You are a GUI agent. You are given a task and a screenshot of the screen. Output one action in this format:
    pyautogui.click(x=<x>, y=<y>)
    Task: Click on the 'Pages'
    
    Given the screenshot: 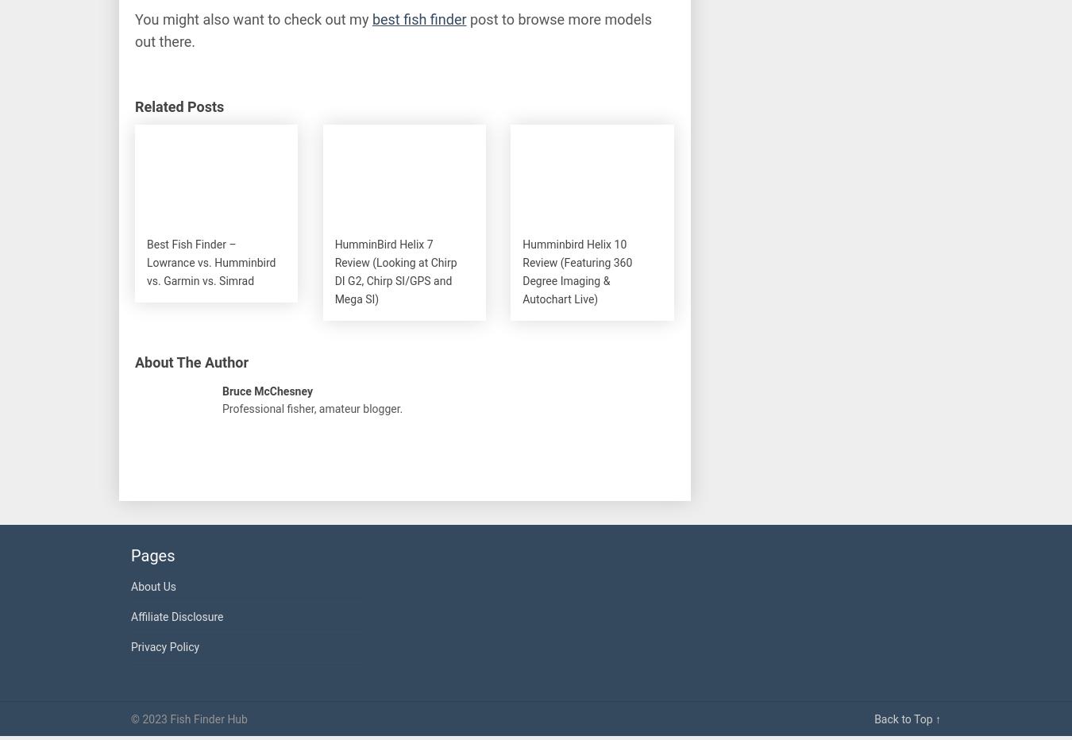 What is the action you would take?
    pyautogui.click(x=152, y=555)
    